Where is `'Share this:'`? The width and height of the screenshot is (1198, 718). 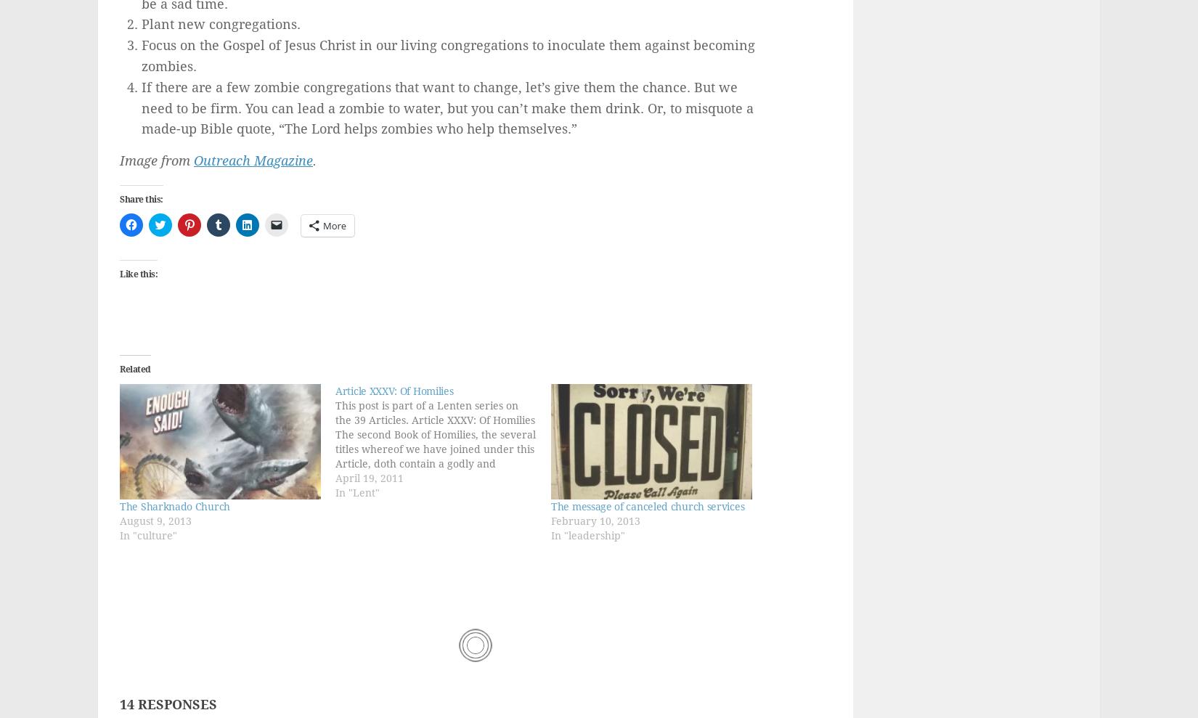
'Share this:' is located at coordinates (141, 199).